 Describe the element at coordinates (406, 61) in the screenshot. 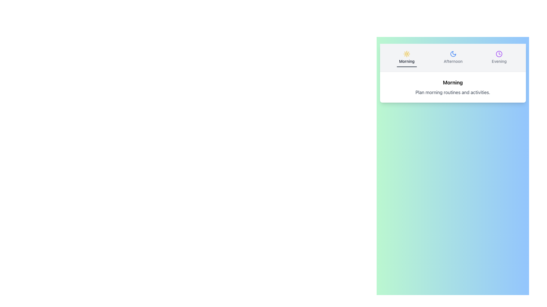

I see `text displayed on the 'Morning' label, which indicates content related to morning routines or activities` at that location.